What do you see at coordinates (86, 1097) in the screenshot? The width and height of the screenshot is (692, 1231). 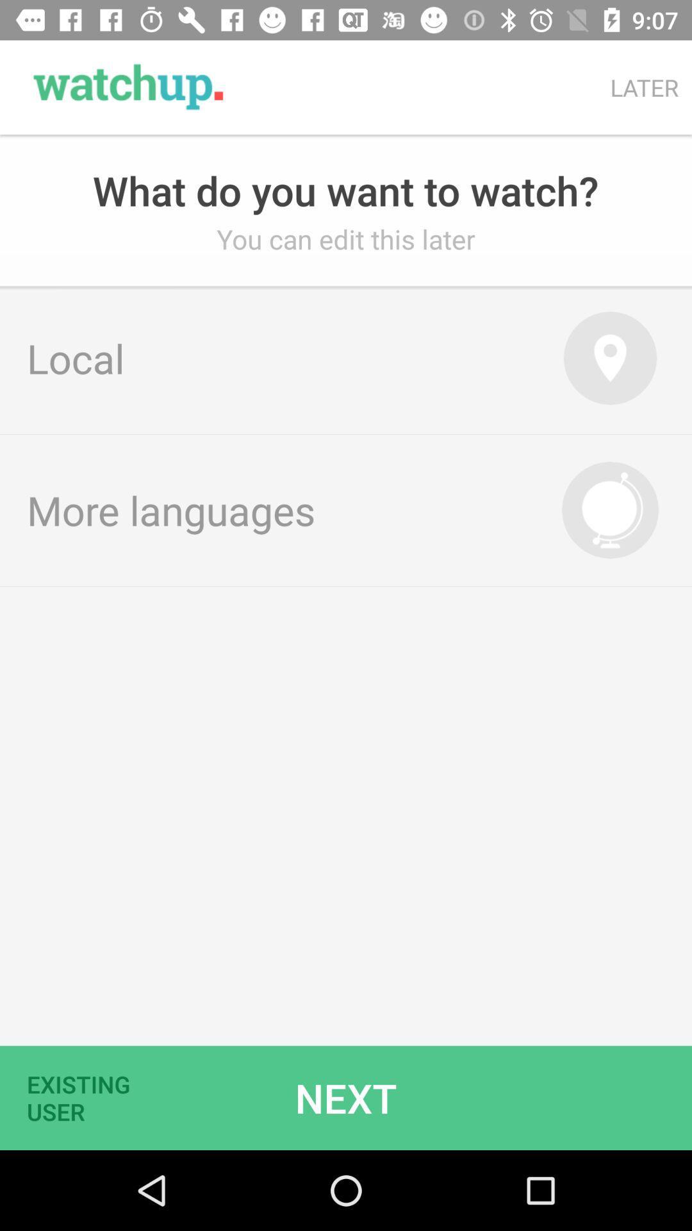 I see `item to the left of the next icon` at bounding box center [86, 1097].